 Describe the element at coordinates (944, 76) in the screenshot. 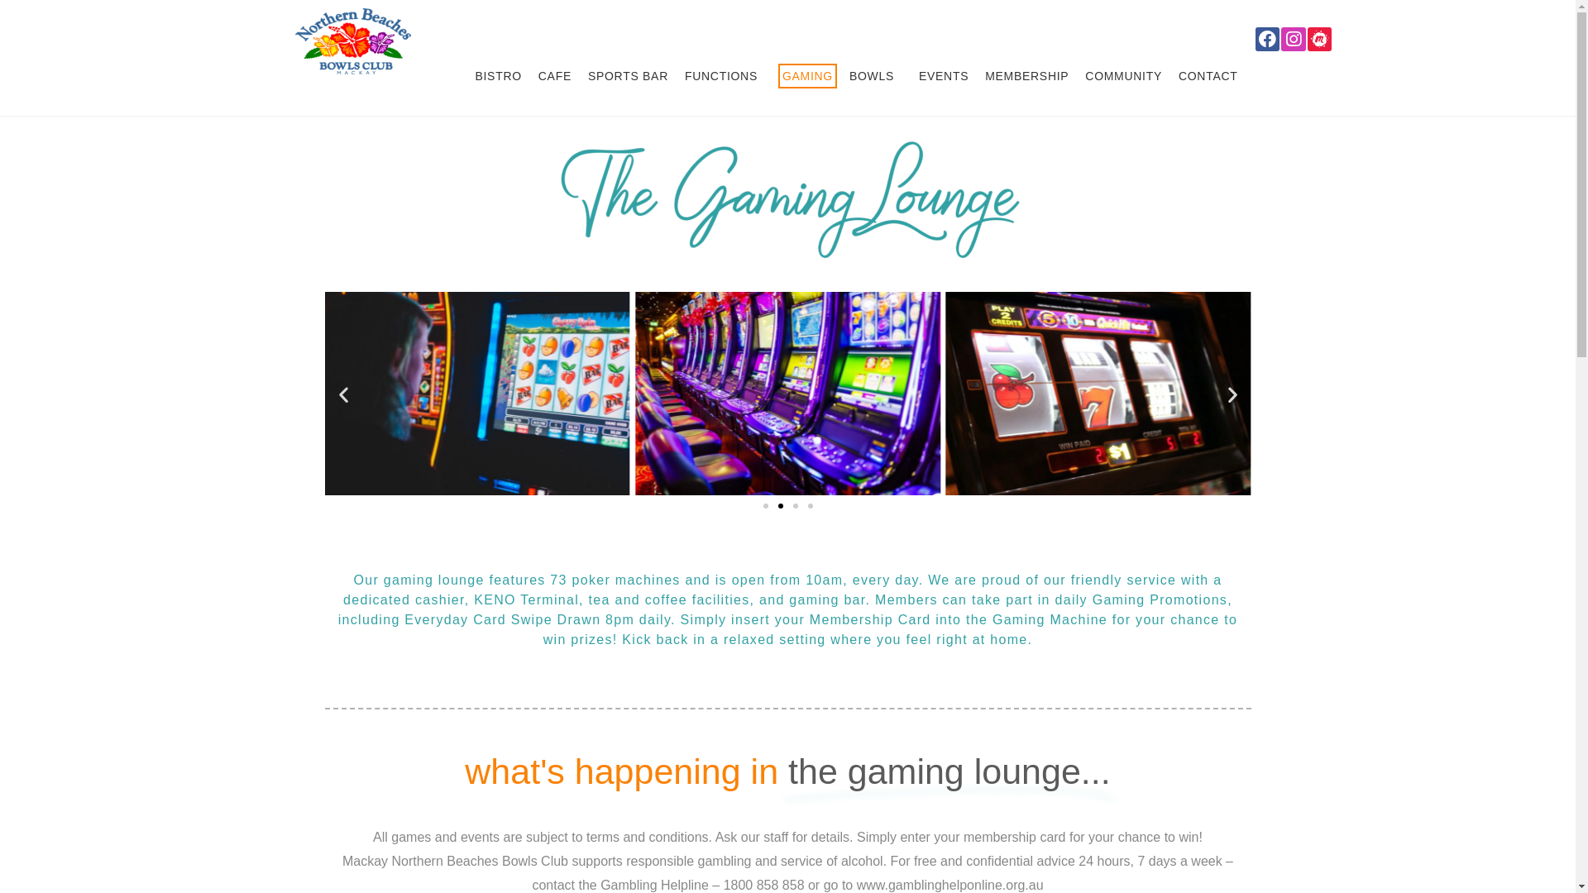

I see `'EVENTS'` at that location.